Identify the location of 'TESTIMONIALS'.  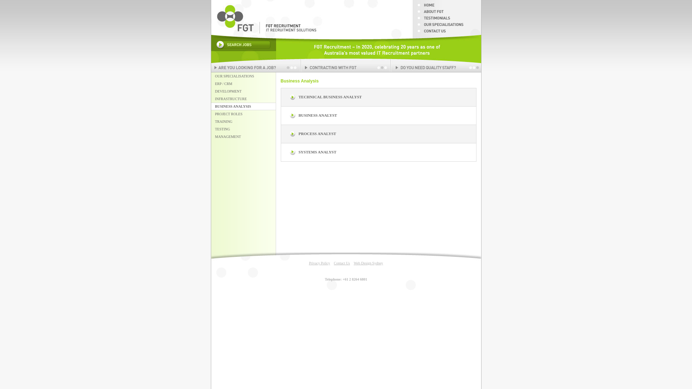
(412, 19).